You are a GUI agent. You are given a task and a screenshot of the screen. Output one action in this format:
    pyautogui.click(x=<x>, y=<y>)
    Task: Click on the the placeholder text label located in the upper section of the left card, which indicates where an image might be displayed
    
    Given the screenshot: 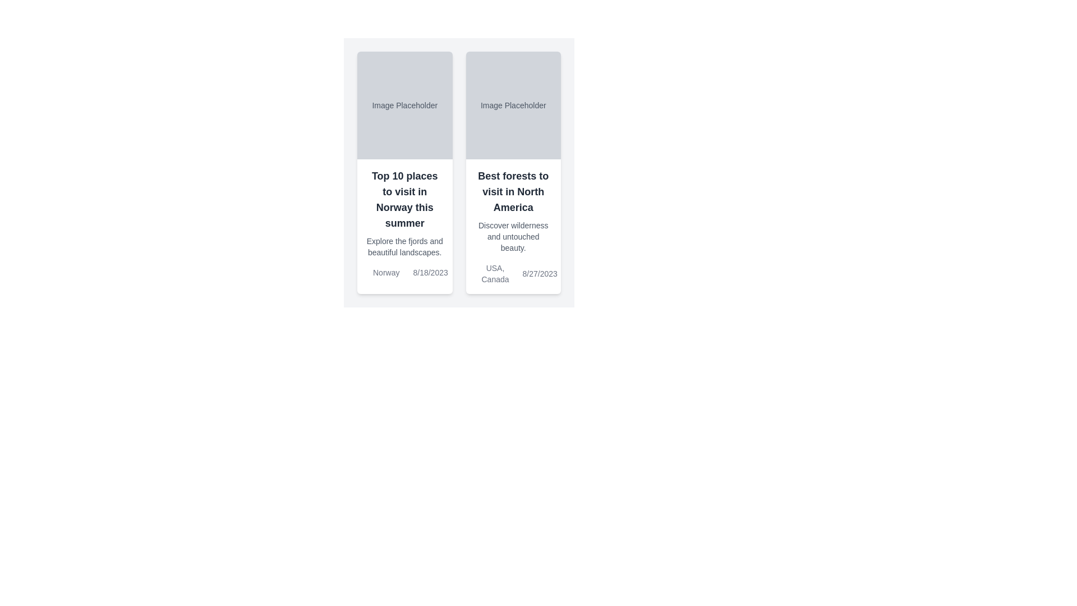 What is the action you would take?
    pyautogui.click(x=404, y=105)
    